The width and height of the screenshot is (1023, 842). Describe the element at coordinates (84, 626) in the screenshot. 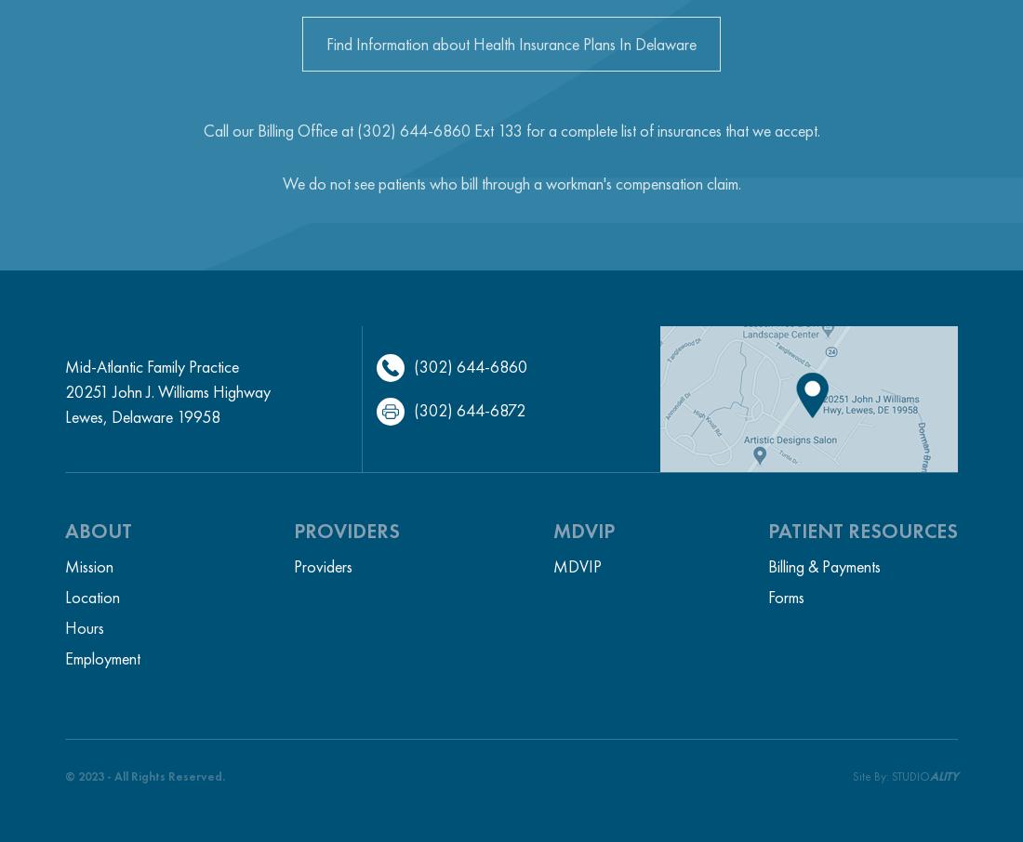

I see `'Hours'` at that location.